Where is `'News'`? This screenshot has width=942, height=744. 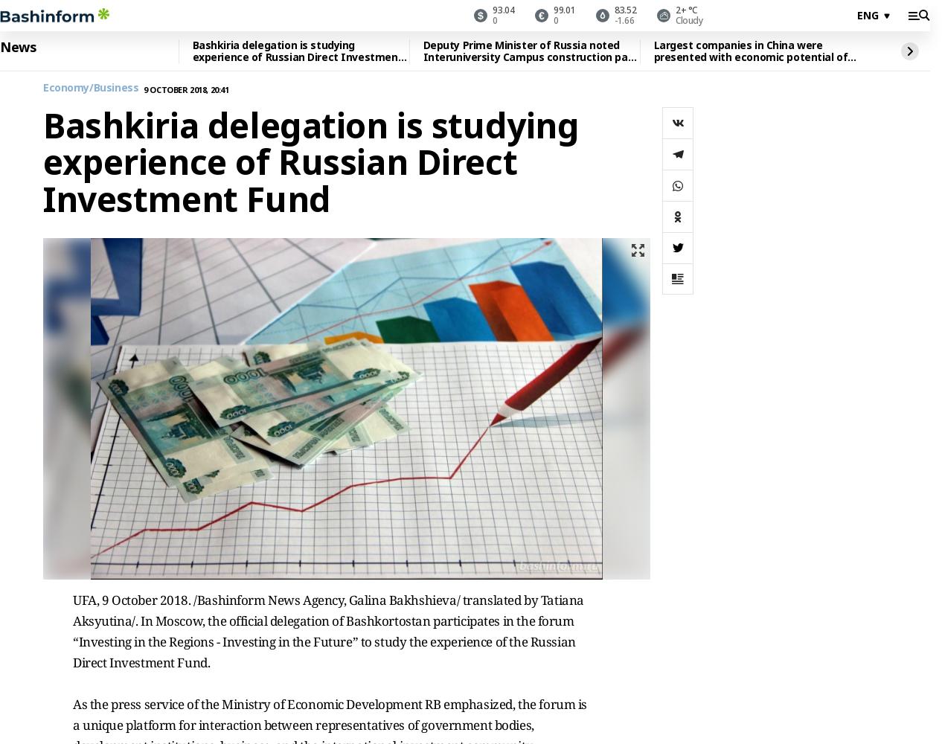
'News' is located at coordinates (17, 46).